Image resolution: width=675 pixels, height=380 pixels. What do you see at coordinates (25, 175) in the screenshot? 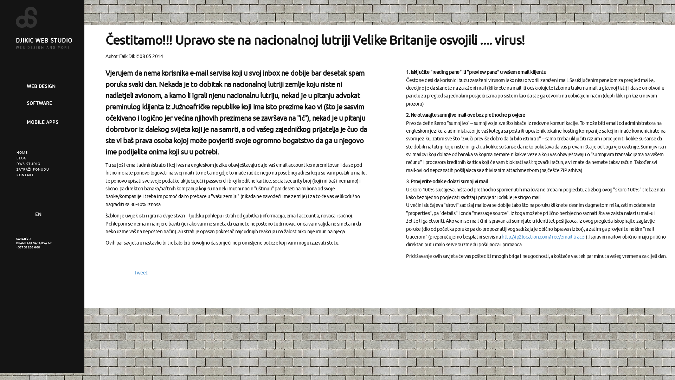
I see `'KONTAKT'` at bounding box center [25, 175].